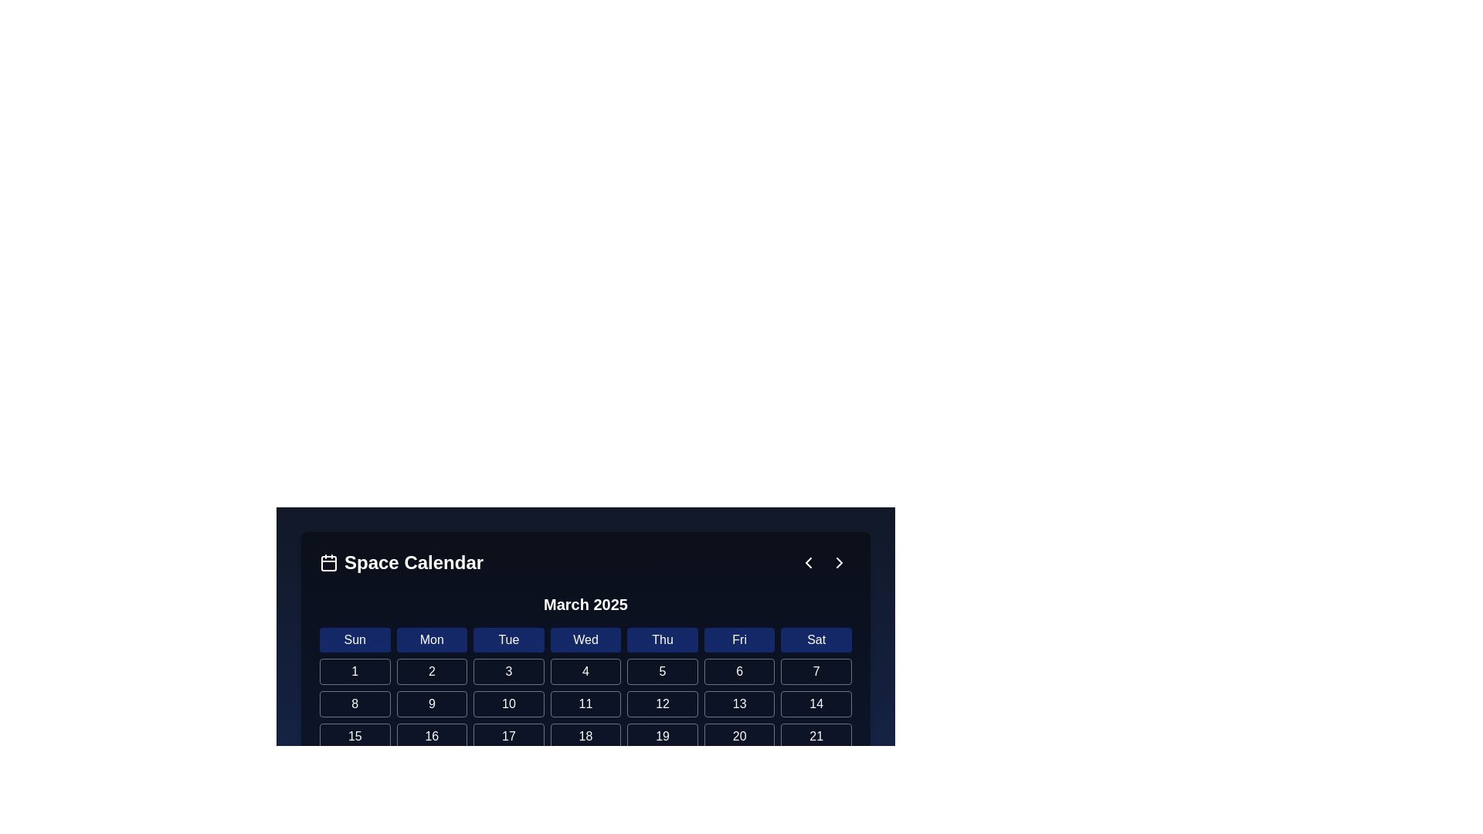 The height and width of the screenshot is (834, 1483). Describe the element at coordinates (585, 703) in the screenshot. I see `the text label representing the date March 11th, 2025 in the calendar view, located in the third row and fourth column of the grid` at that location.